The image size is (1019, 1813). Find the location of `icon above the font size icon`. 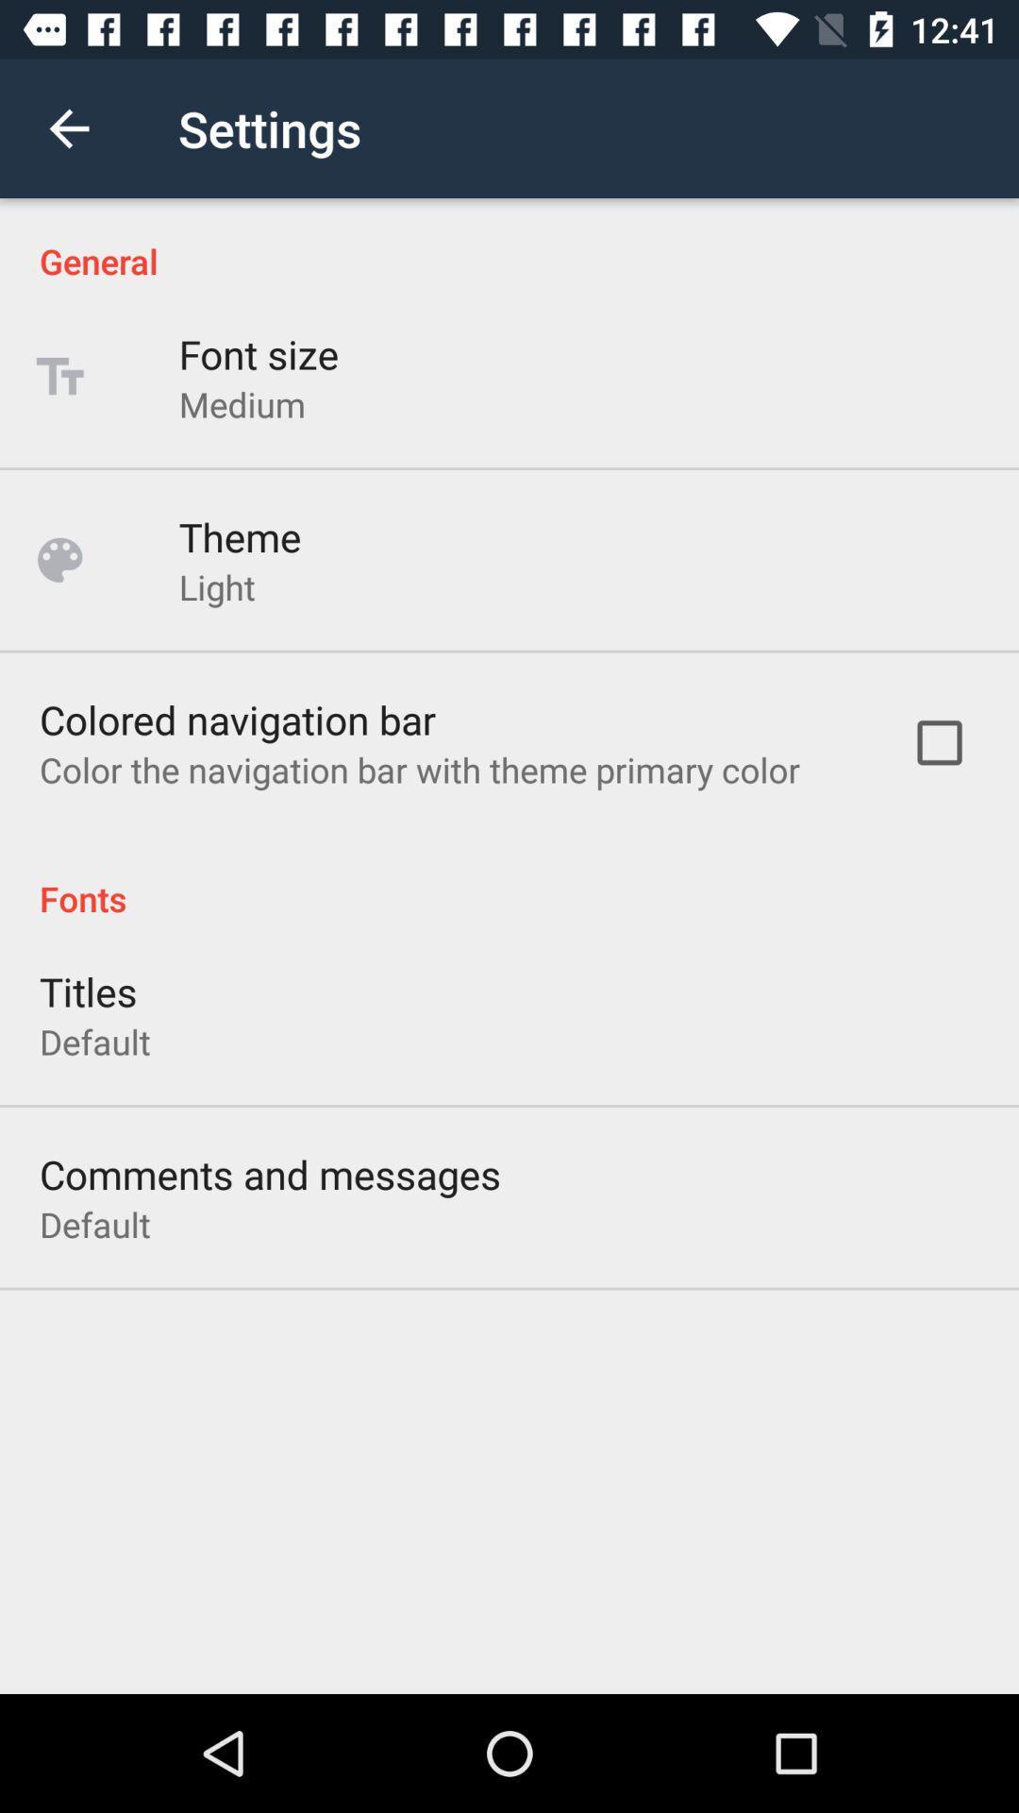

icon above the font size icon is located at coordinates (509, 240).